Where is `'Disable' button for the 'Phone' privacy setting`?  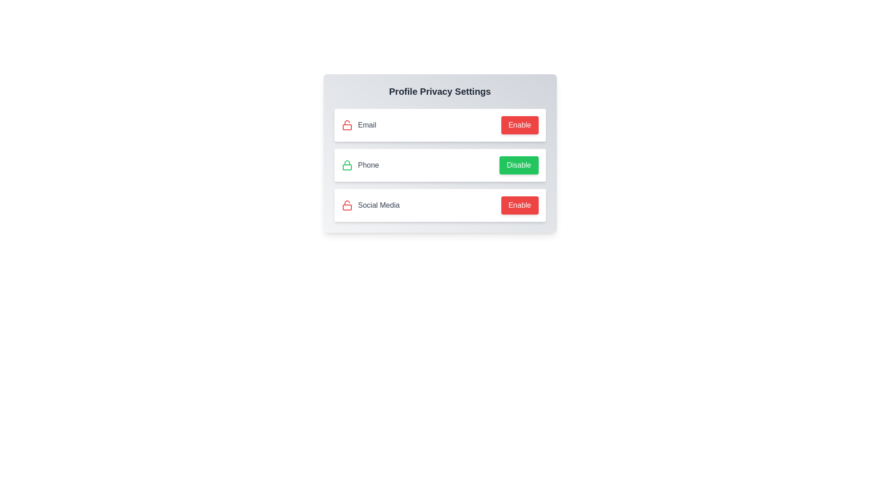
'Disable' button for the 'Phone' privacy setting is located at coordinates (519, 165).